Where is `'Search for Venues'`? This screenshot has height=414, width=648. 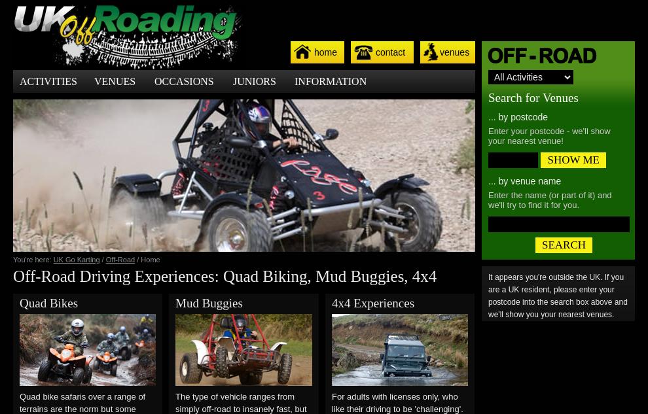 'Search for Venues' is located at coordinates (488, 97).